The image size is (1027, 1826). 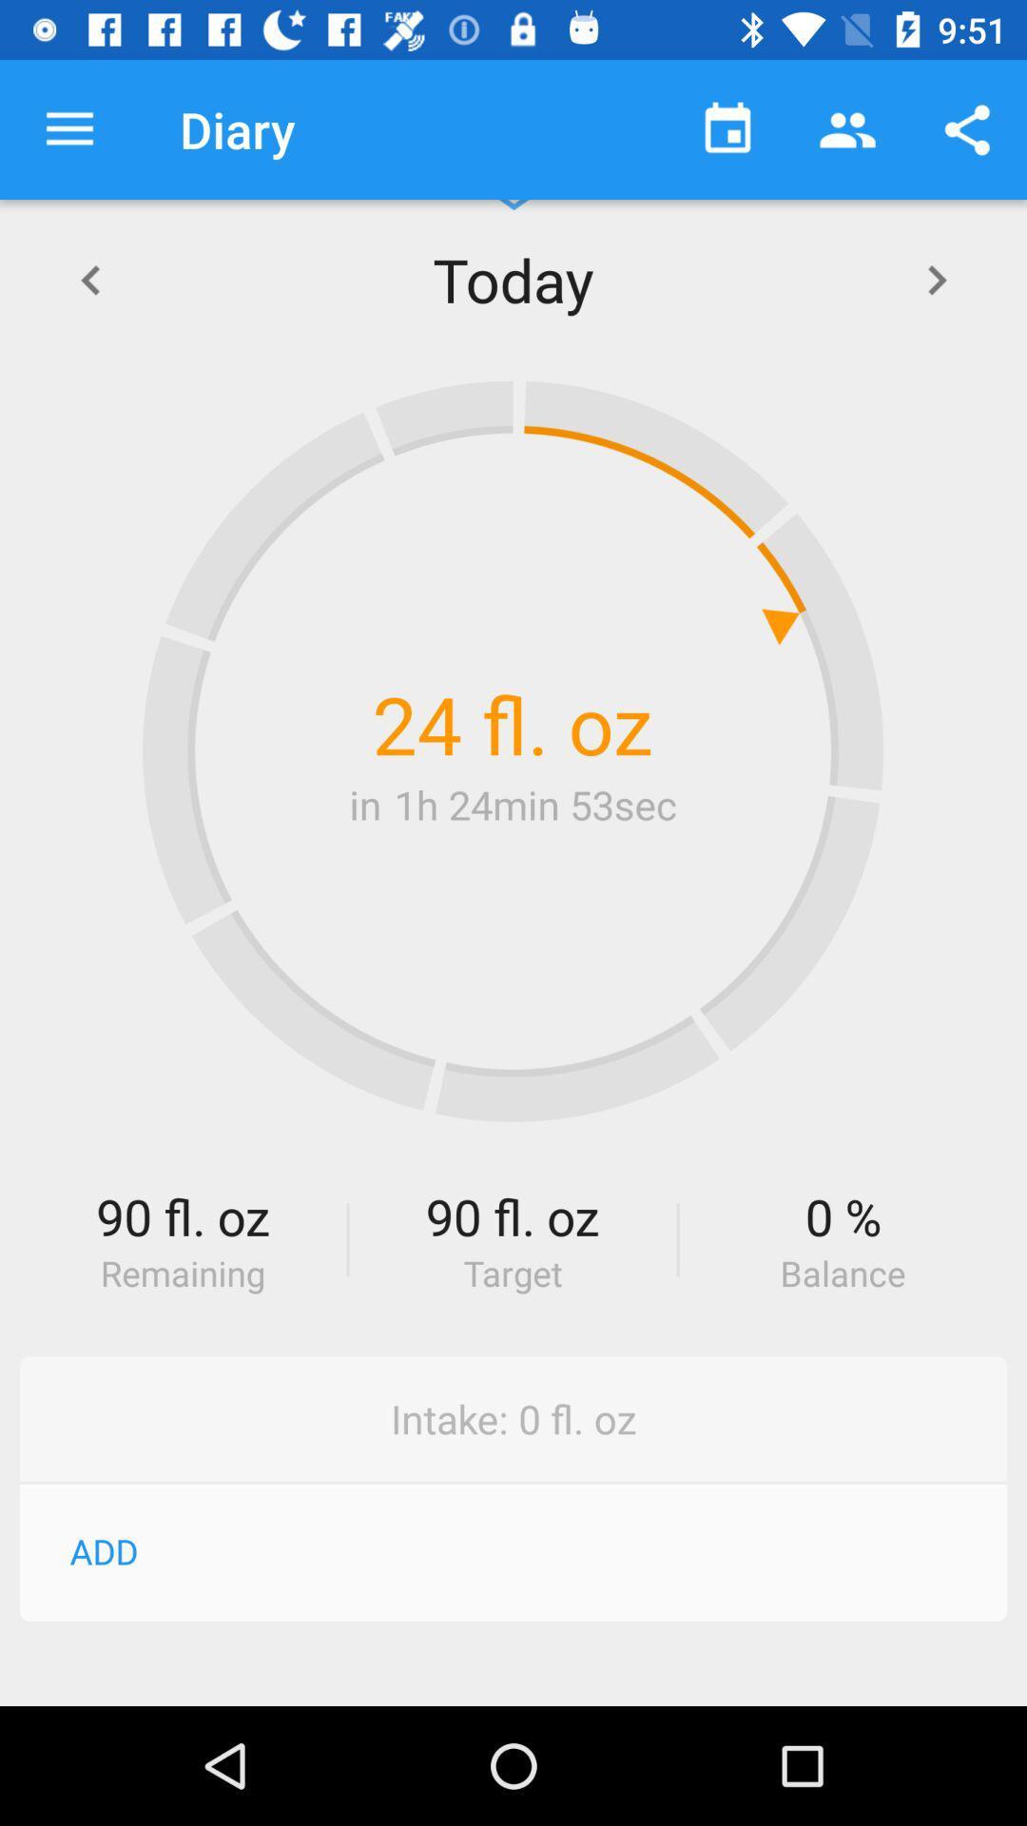 What do you see at coordinates (936, 278) in the screenshot?
I see `item next to today icon` at bounding box center [936, 278].